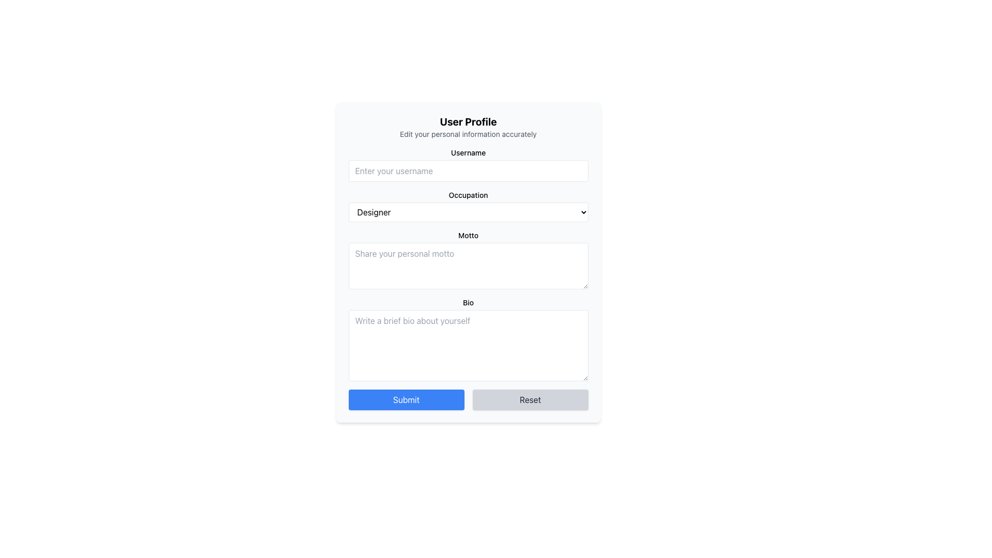  What do you see at coordinates (468, 121) in the screenshot?
I see `the 'User Profile' text label, which is a bold and large font label prominently displayed at the top of the form layout` at bounding box center [468, 121].